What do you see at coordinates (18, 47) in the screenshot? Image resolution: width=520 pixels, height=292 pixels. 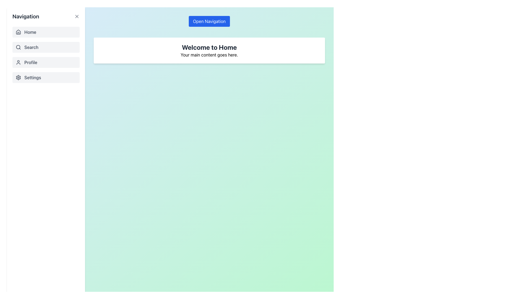 I see `the inner circle of the magnifying glass icon in the 'Search' button group of the left-side navigation menu` at bounding box center [18, 47].